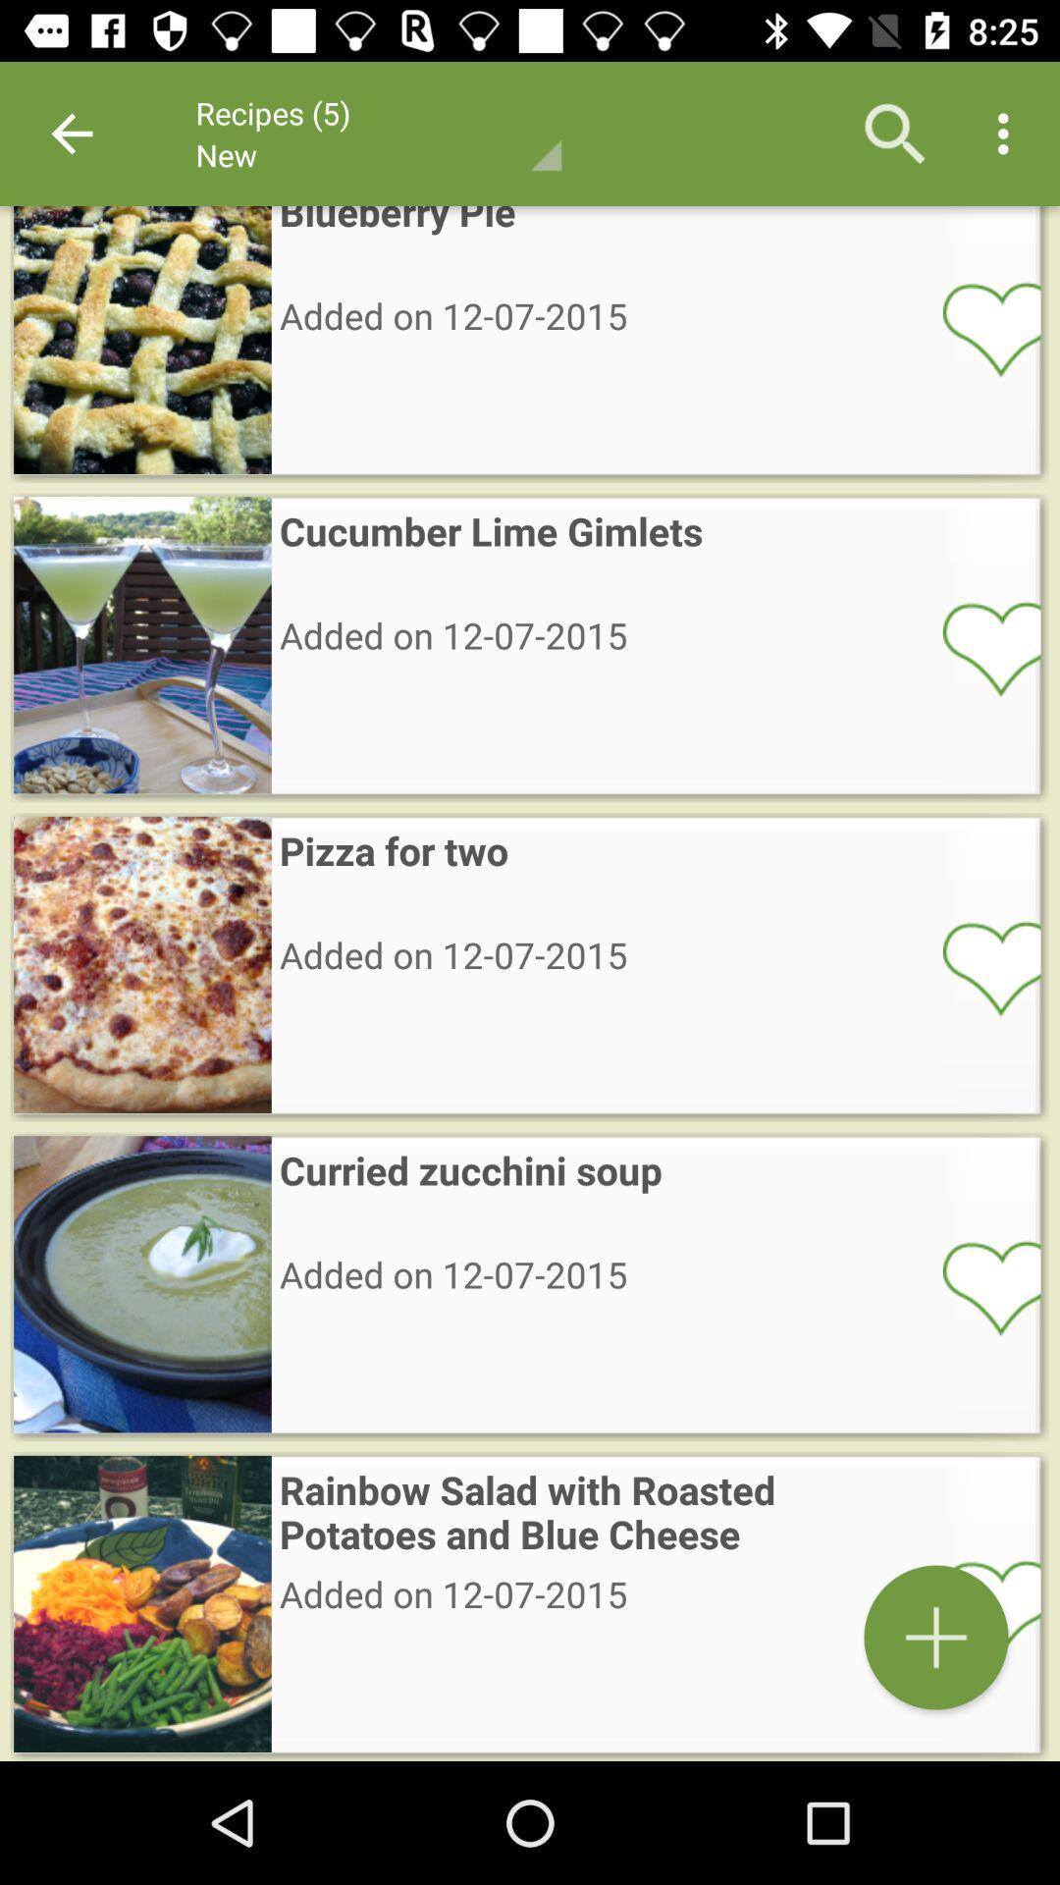  What do you see at coordinates (934, 1637) in the screenshot?
I see `rainbow salad with roasted potatoes and blue cheese` at bounding box center [934, 1637].